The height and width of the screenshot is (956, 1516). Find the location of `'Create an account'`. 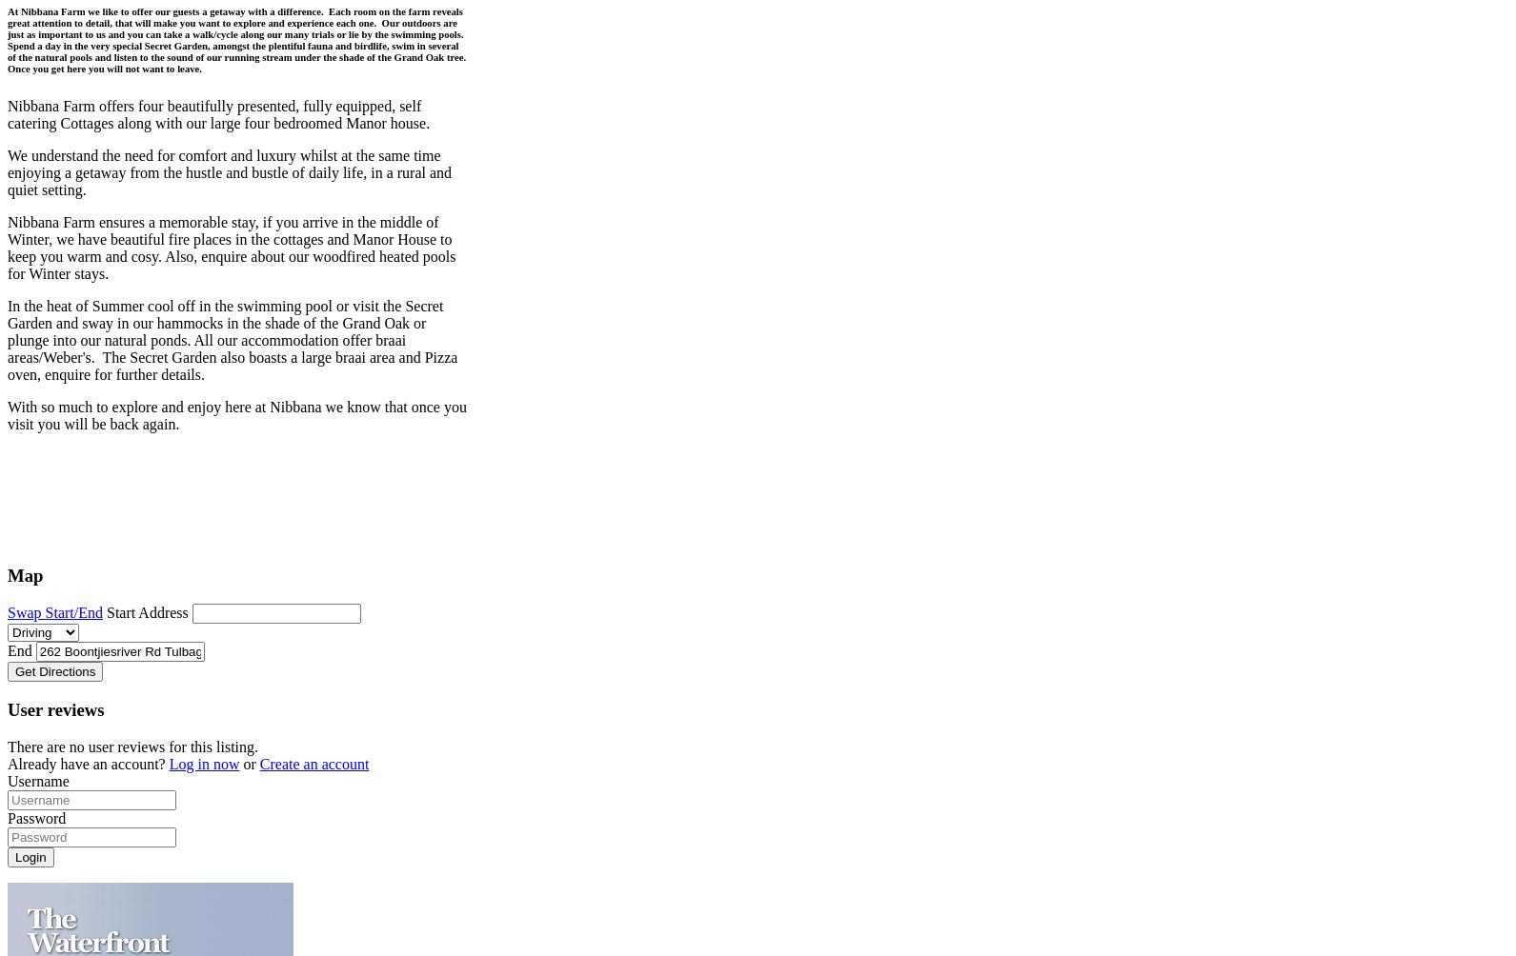

'Create an account' is located at coordinates (313, 763).